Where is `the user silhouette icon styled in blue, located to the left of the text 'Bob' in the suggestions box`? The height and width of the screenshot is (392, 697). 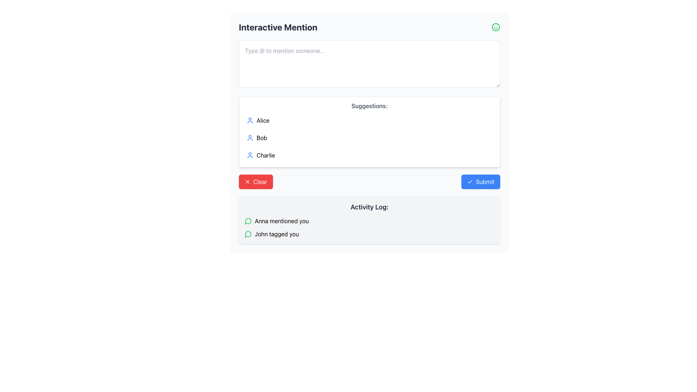 the user silhouette icon styled in blue, located to the left of the text 'Bob' in the suggestions box is located at coordinates (250, 138).